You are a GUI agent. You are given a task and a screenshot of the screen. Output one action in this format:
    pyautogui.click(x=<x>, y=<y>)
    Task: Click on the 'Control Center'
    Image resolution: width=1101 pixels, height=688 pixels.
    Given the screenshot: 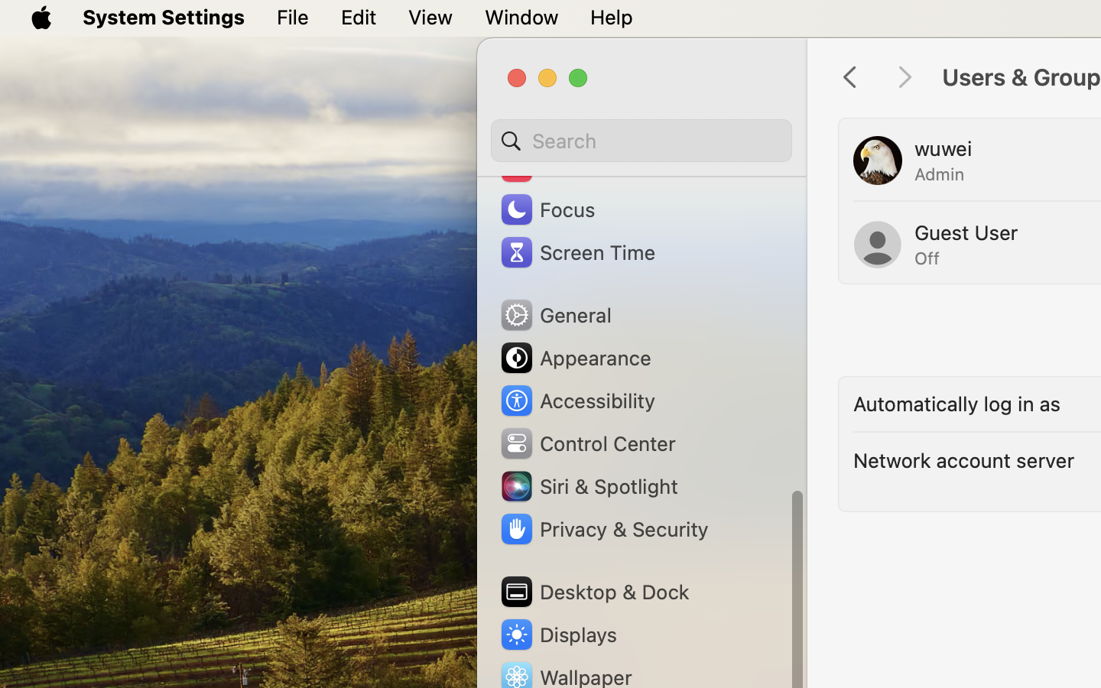 What is the action you would take?
    pyautogui.click(x=586, y=443)
    